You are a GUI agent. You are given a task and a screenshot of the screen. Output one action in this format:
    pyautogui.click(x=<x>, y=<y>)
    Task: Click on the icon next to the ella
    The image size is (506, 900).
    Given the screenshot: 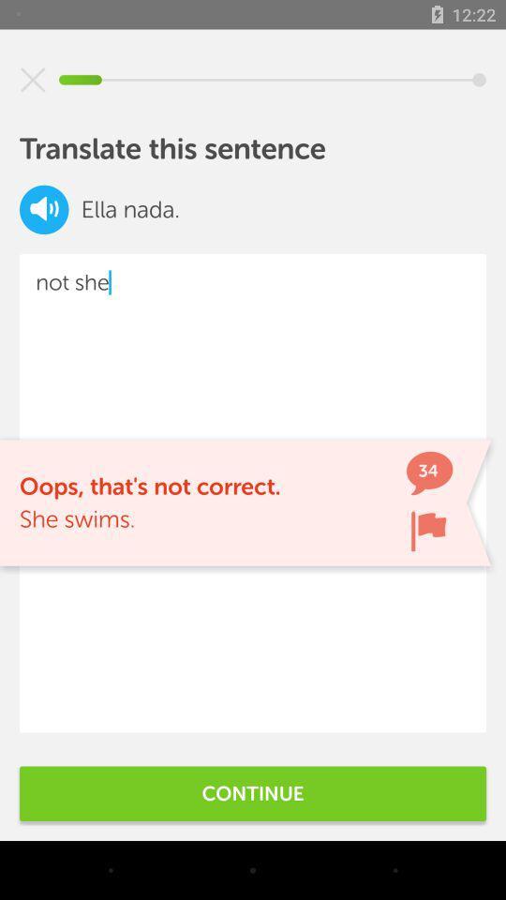 What is the action you would take?
    pyautogui.click(x=44, y=209)
    